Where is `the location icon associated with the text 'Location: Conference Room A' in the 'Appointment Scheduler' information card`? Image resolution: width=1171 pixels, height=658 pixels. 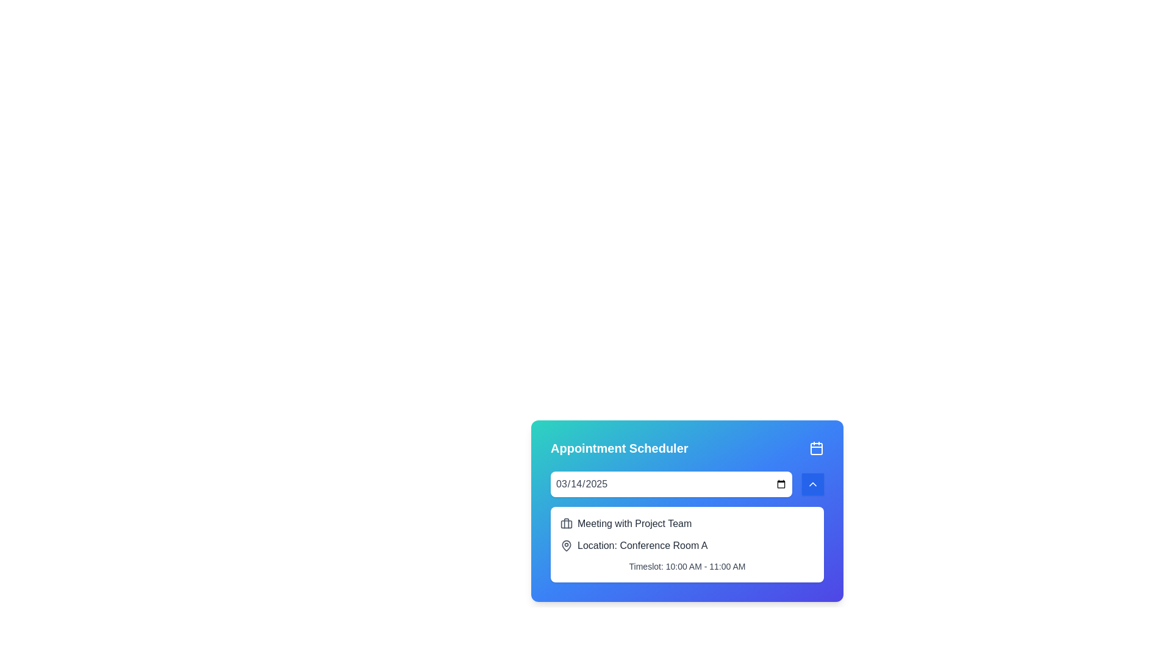 the location icon associated with the text 'Location: Conference Room A' in the 'Appointment Scheduler' information card is located at coordinates (566, 545).